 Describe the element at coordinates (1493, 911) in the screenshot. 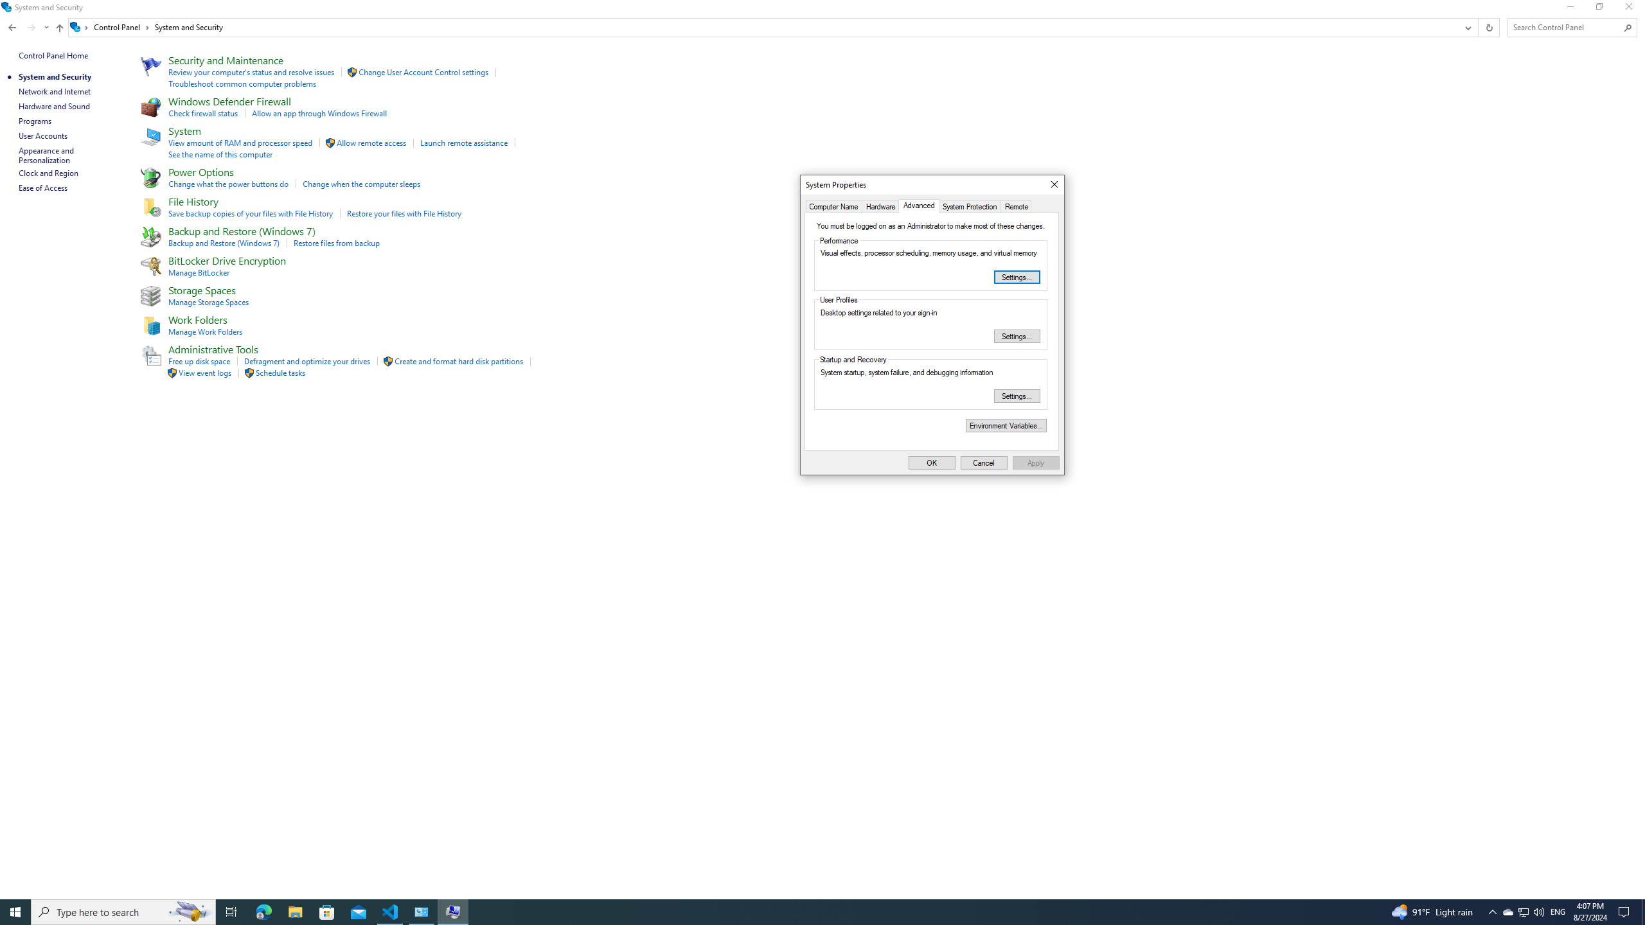

I see `'Notification Chevron'` at that location.